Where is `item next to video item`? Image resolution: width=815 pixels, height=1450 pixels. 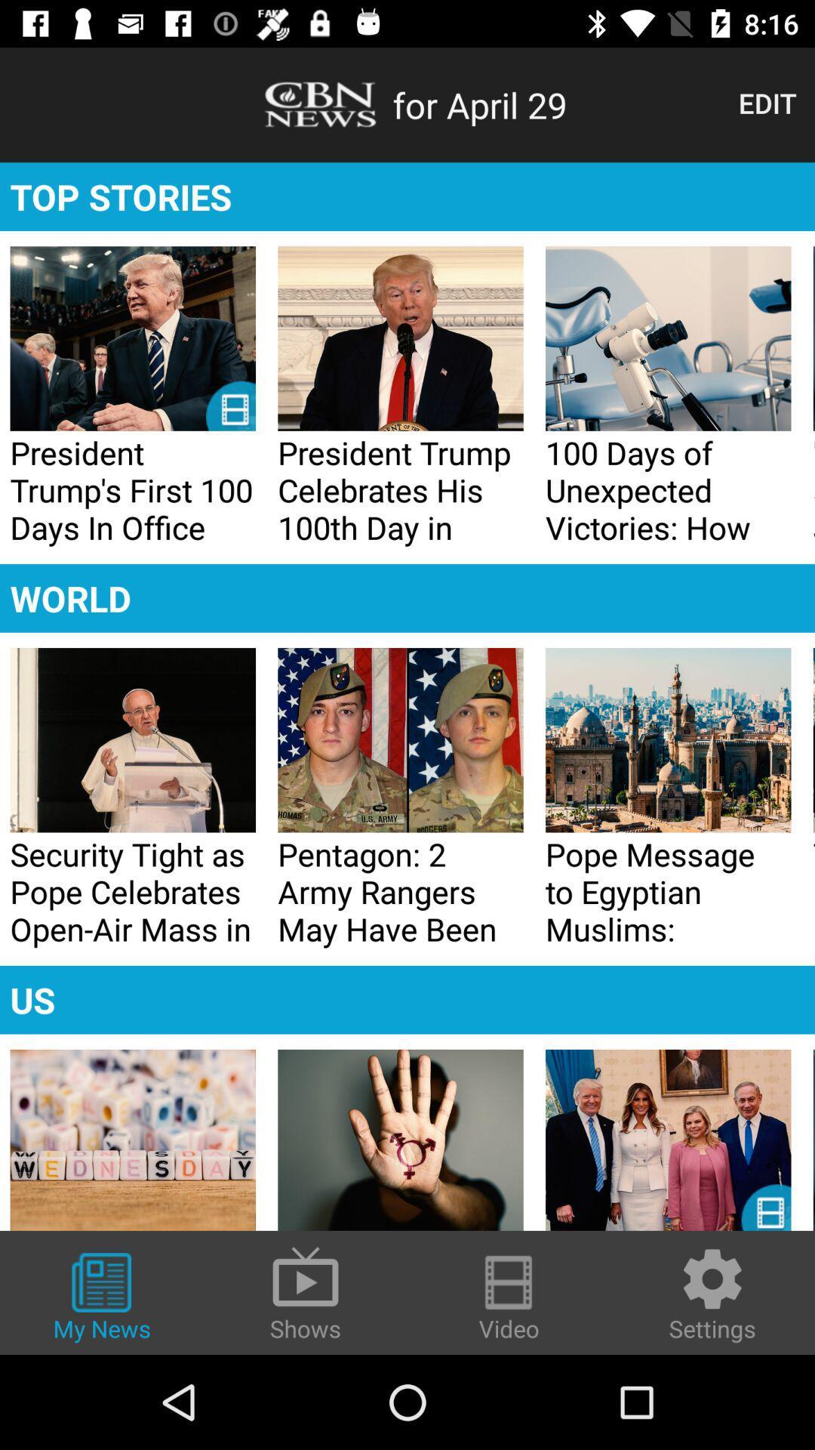
item next to video item is located at coordinates (712, 1293).